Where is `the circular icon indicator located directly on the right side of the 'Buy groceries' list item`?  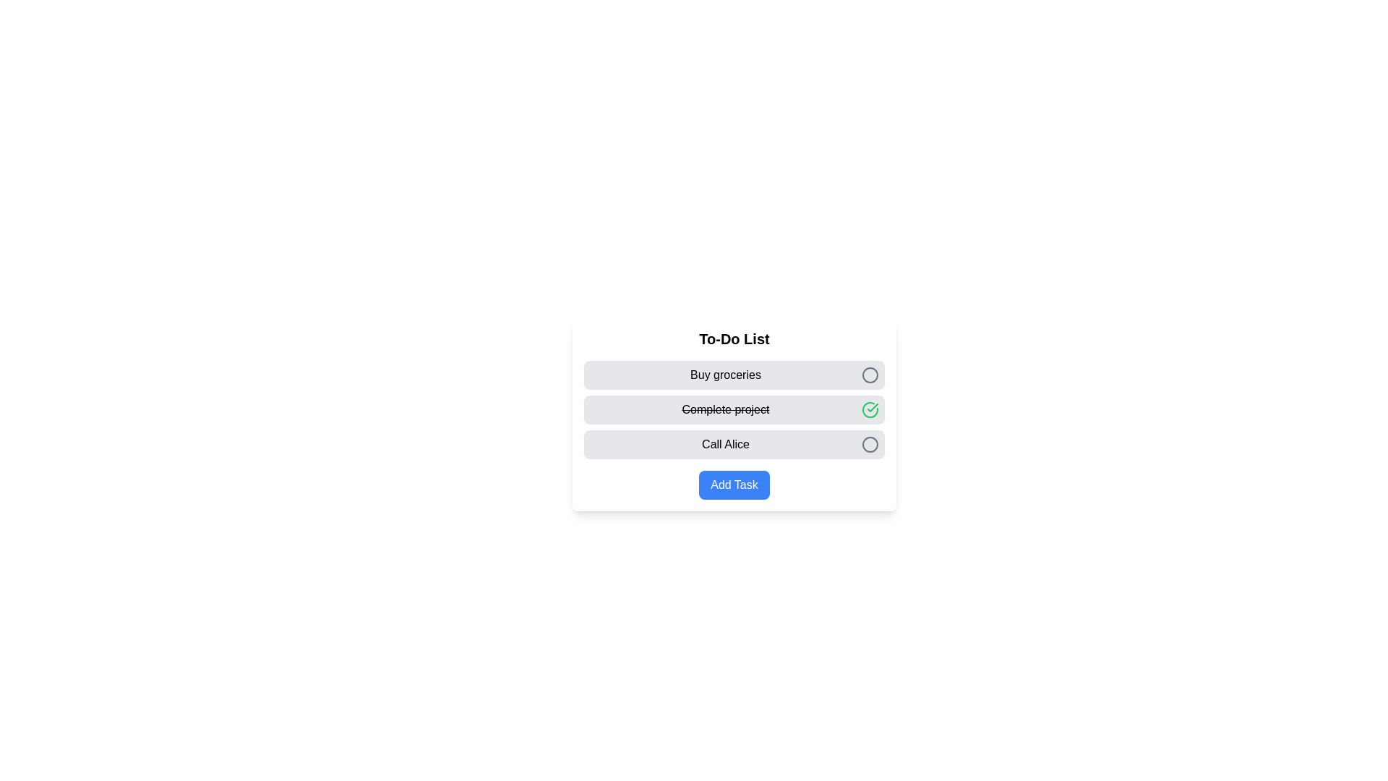 the circular icon indicator located directly on the right side of the 'Buy groceries' list item is located at coordinates (870, 375).